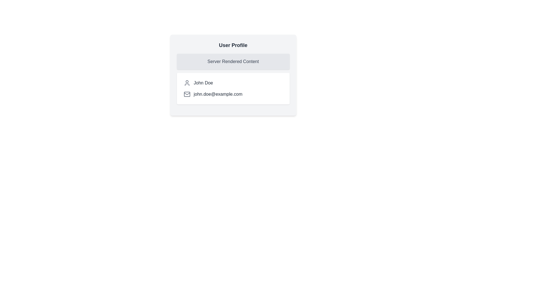  I want to click on the inner elements of the 'Server Rendered Content' section located within the user profile card, which displays user information like 'John Doe' and 'john.doe@example.com', so click(233, 79).